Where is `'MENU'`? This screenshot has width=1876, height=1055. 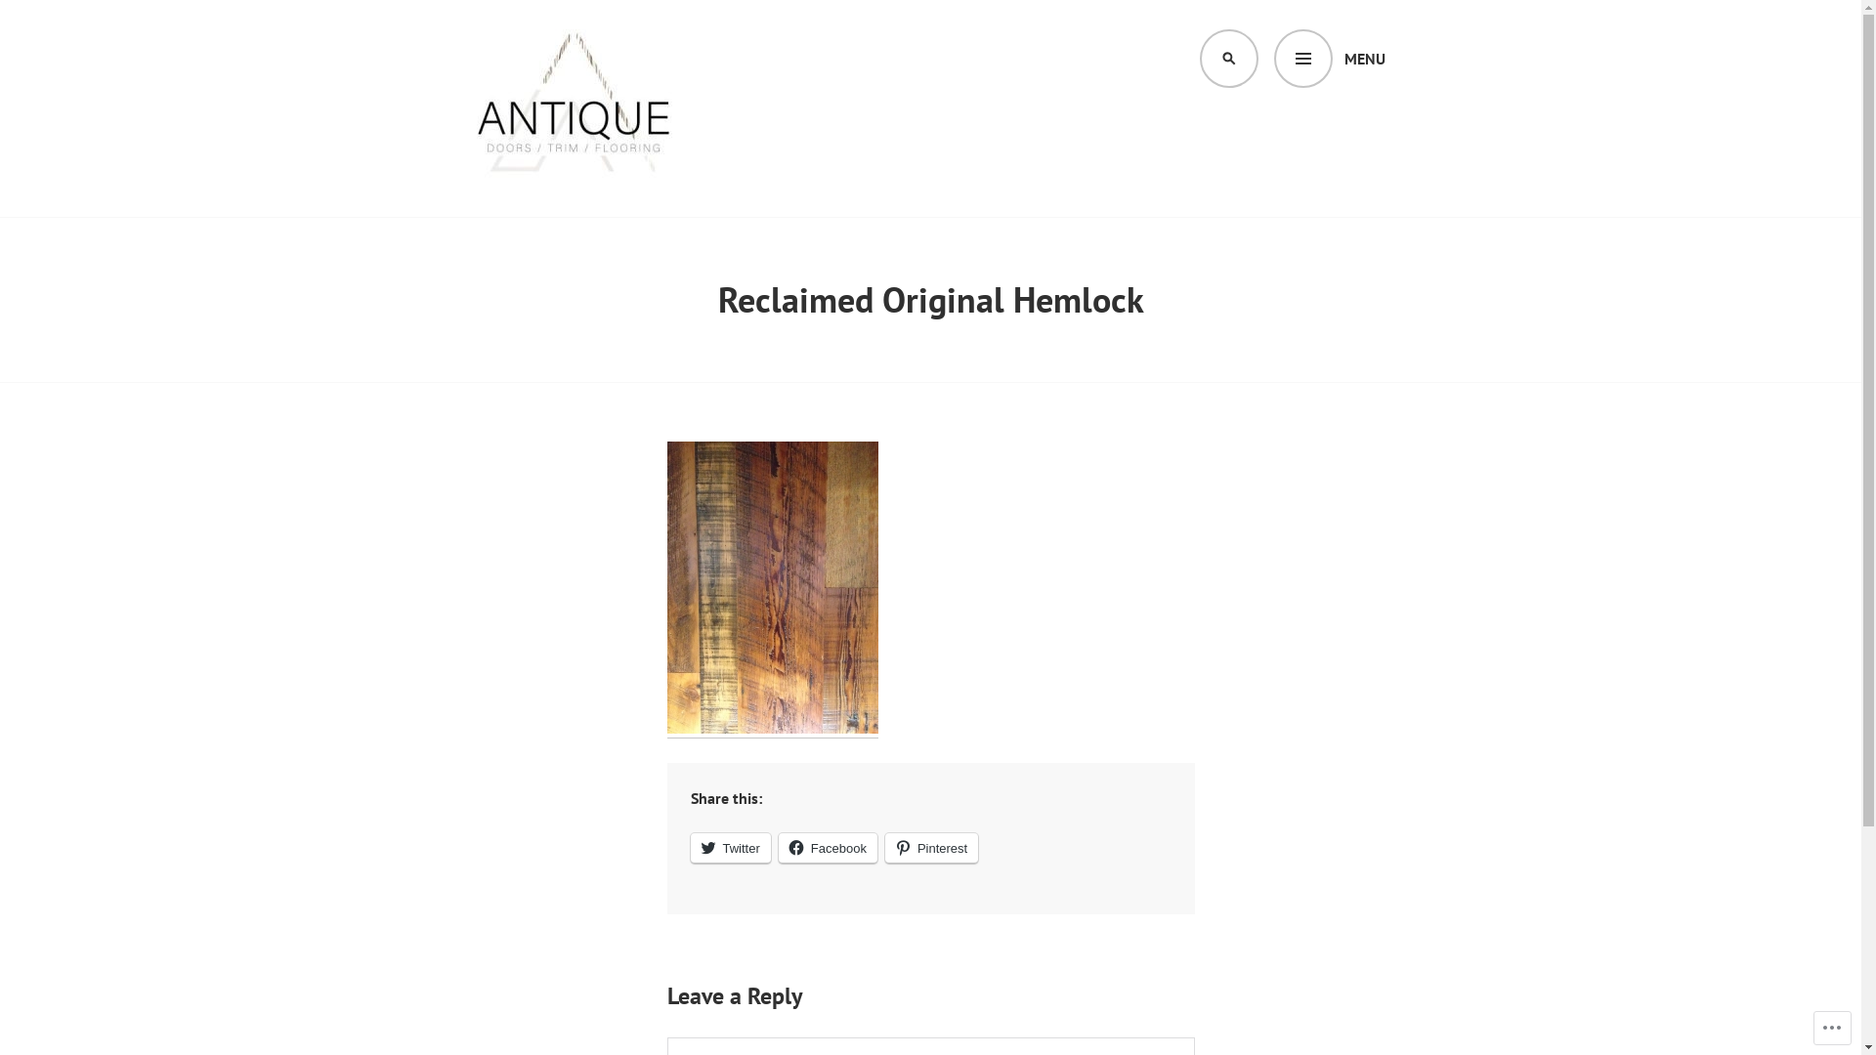
'MENU' is located at coordinates (1329, 58).